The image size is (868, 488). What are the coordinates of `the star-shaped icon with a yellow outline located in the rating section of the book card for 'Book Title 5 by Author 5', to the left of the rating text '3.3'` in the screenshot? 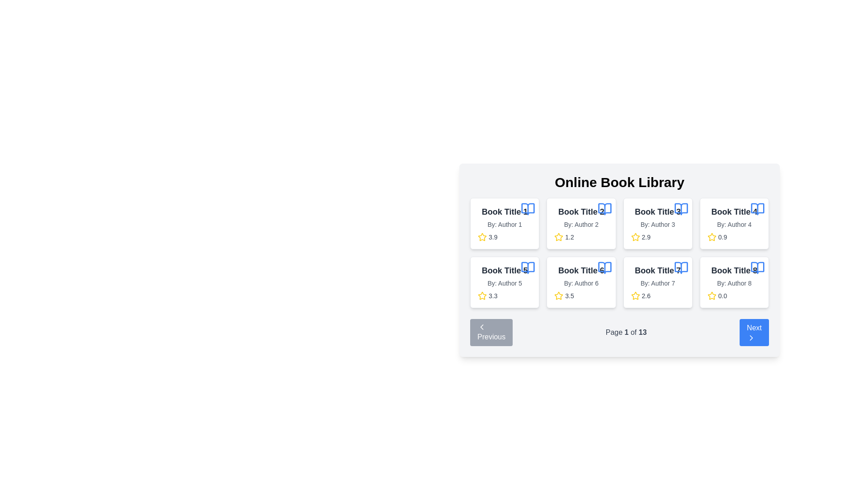 It's located at (481, 296).